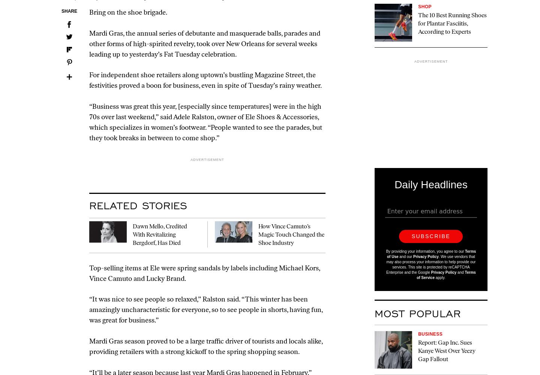 This screenshot has height=375, width=540. Describe the element at coordinates (430, 184) in the screenshot. I see `'Daily Headlines'` at that location.